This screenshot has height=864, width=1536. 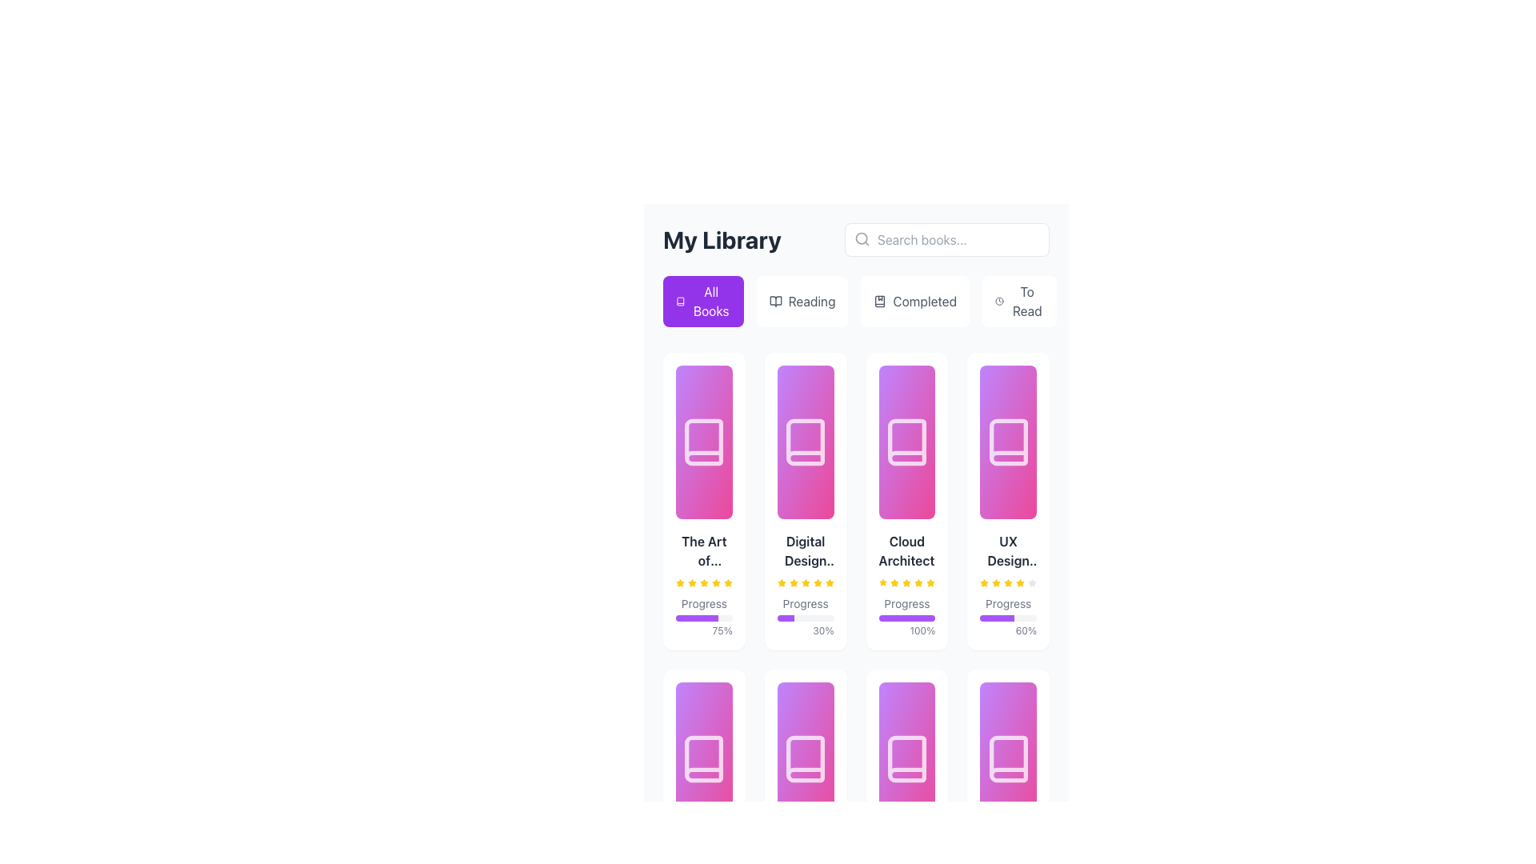 I want to click on the text label displaying '60%' in a small, right-aligned font, located within the fourth card in the top row of the interface showing a progress-related statistic, so click(x=1007, y=630).